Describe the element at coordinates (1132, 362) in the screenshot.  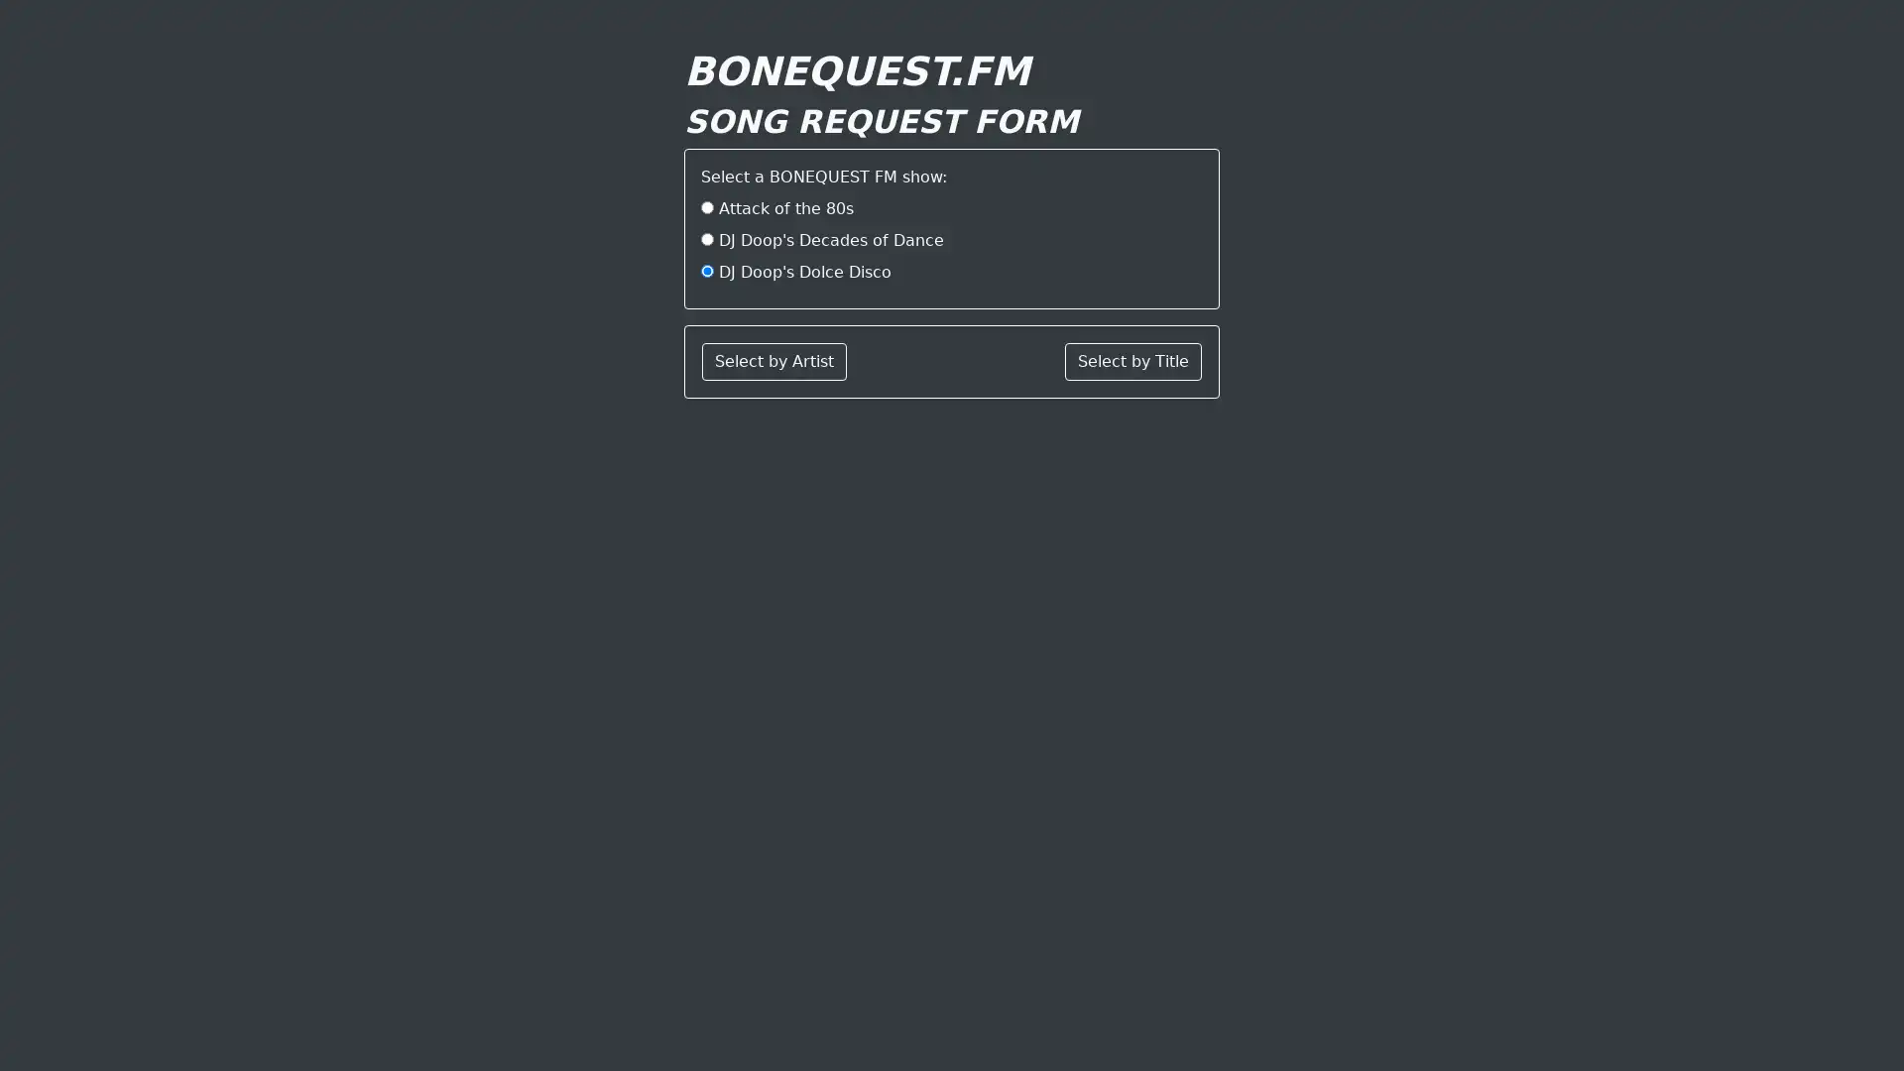
I see `Select by Title` at that location.